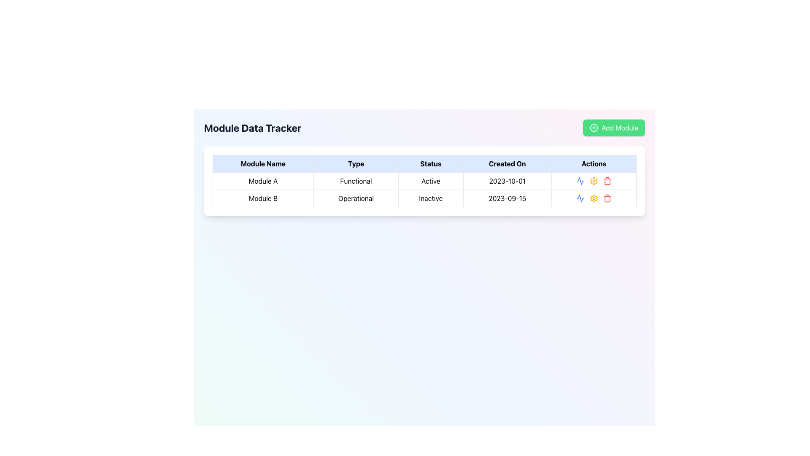 The image size is (810, 456). Describe the element at coordinates (593, 128) in the screenshot. I see `the 'Add Module' icon located on the left side of the button text` at that location.